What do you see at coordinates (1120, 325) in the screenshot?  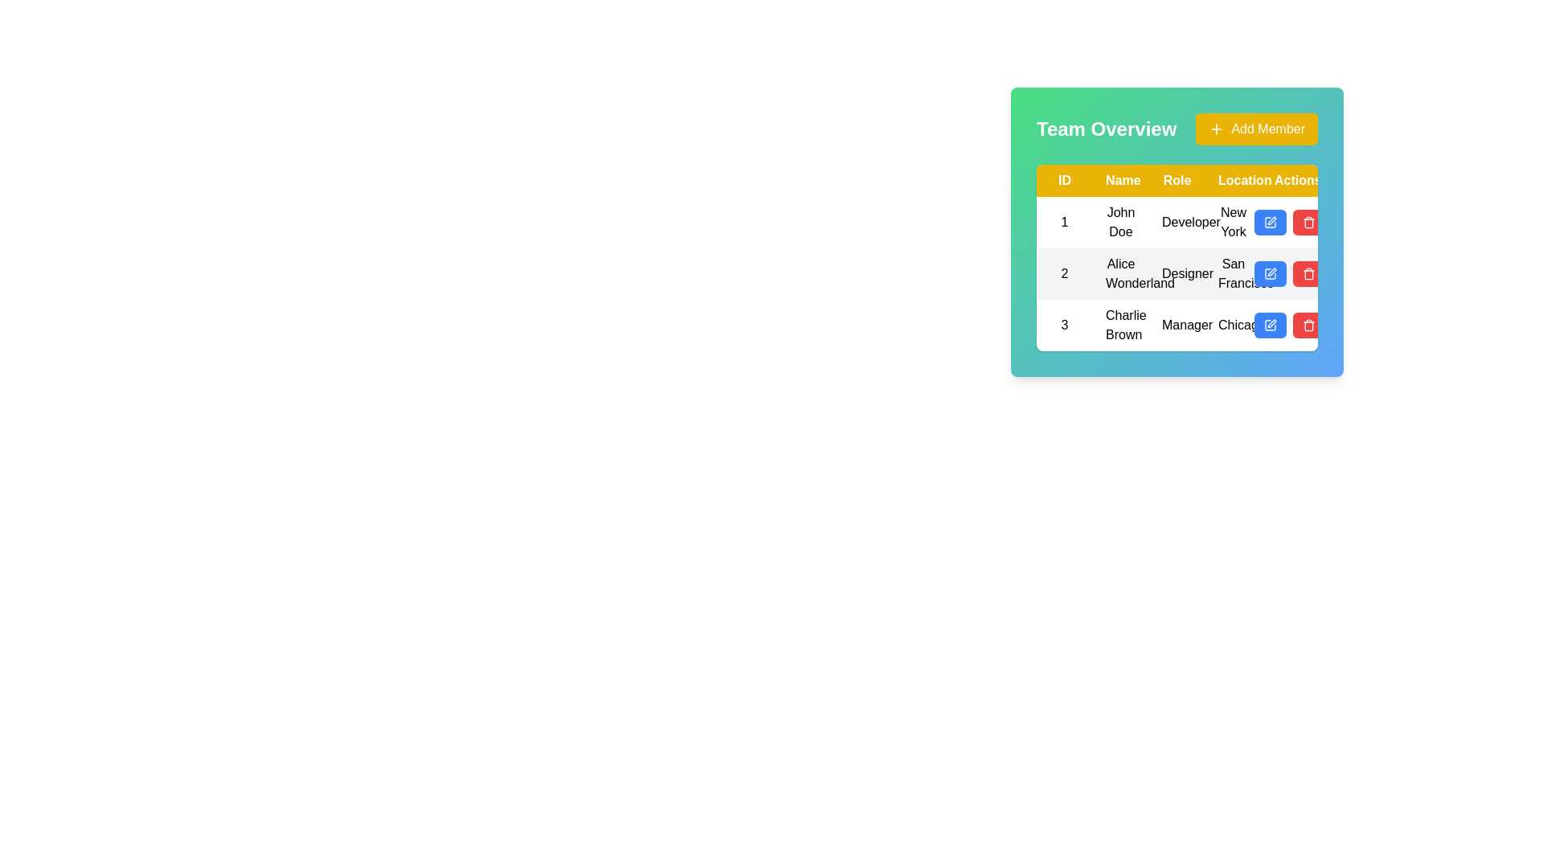 I see `the name field in the third row of the 'Team Overview' table, which displays the individual's name` at bounding box center [1120, 325].